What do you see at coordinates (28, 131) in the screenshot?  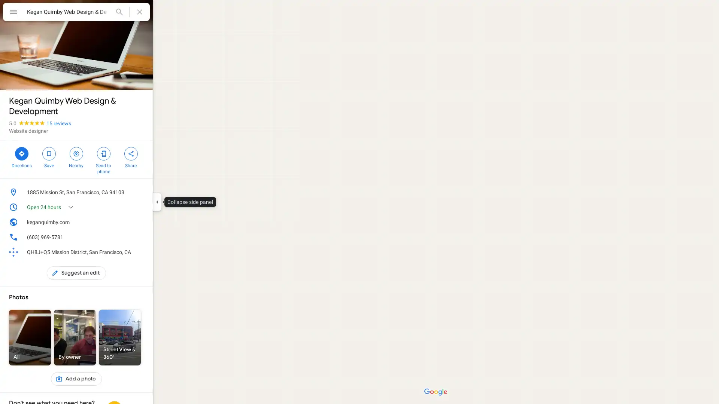 I see `Website designer` at bounding box center [28, 131].